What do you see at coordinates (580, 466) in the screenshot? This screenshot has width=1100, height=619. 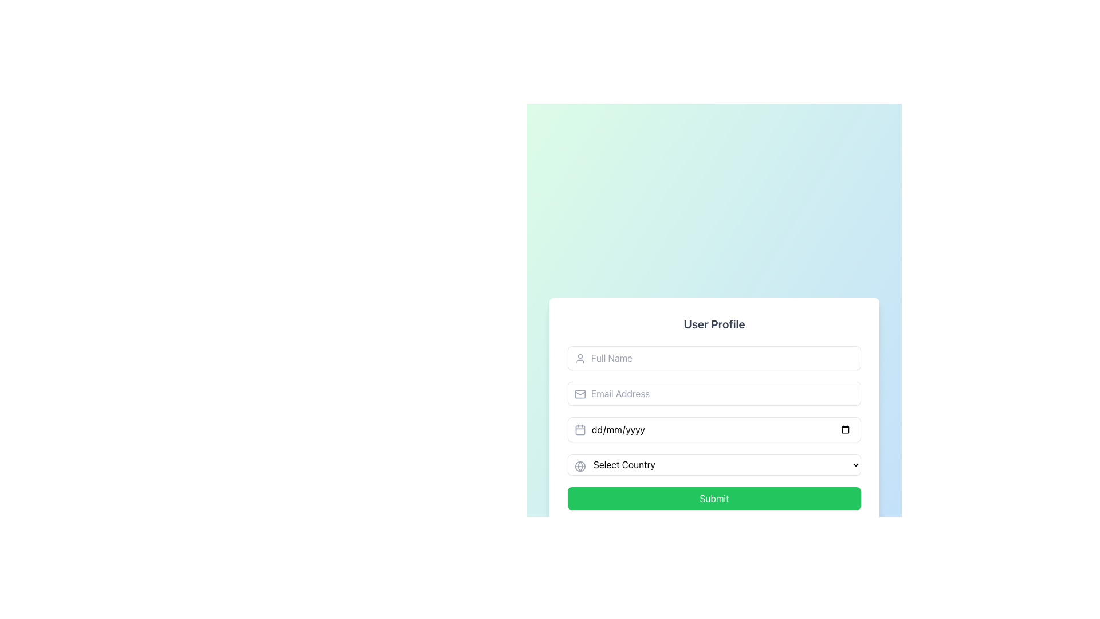 I see `the visual representation of the globe icon component, which is a circular graphical element located to the left of the 'Select Country' text field` at bounding box center [580, 466].